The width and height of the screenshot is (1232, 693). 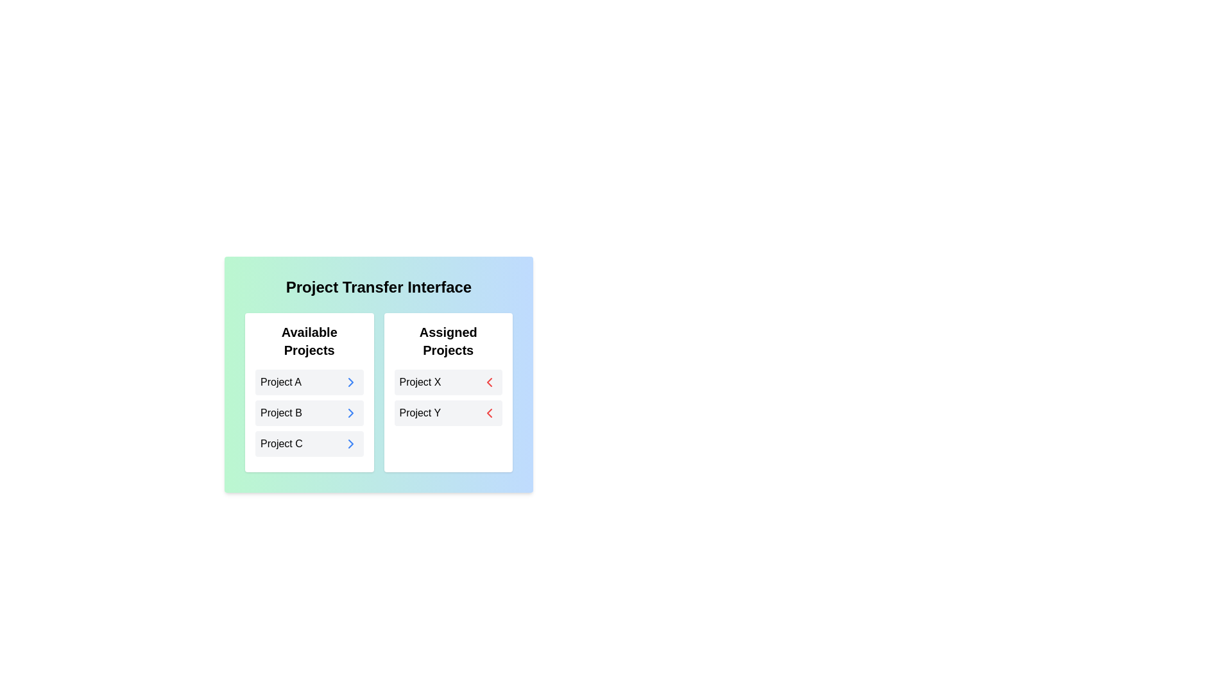 What do you see at coordinates (448, 382) in the screenshot?
I see `the first list item labeled 'Project X' with a red arrow icon in the 'Assigned Projects' section` at bounding box center [448, 382].